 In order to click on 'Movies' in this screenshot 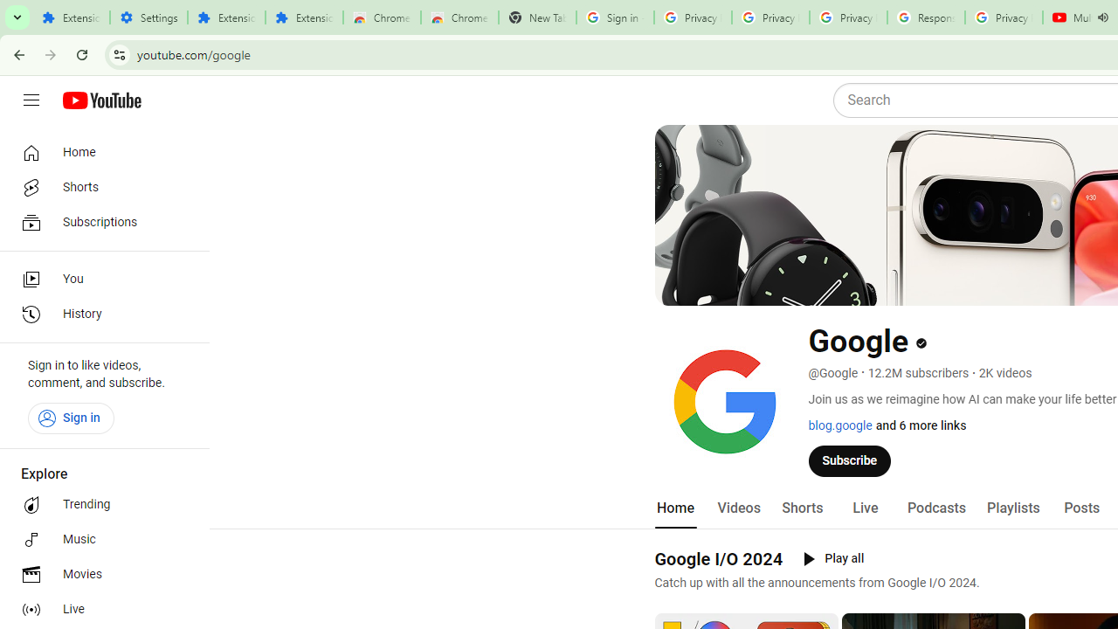, I will do `click(98, 575)`.